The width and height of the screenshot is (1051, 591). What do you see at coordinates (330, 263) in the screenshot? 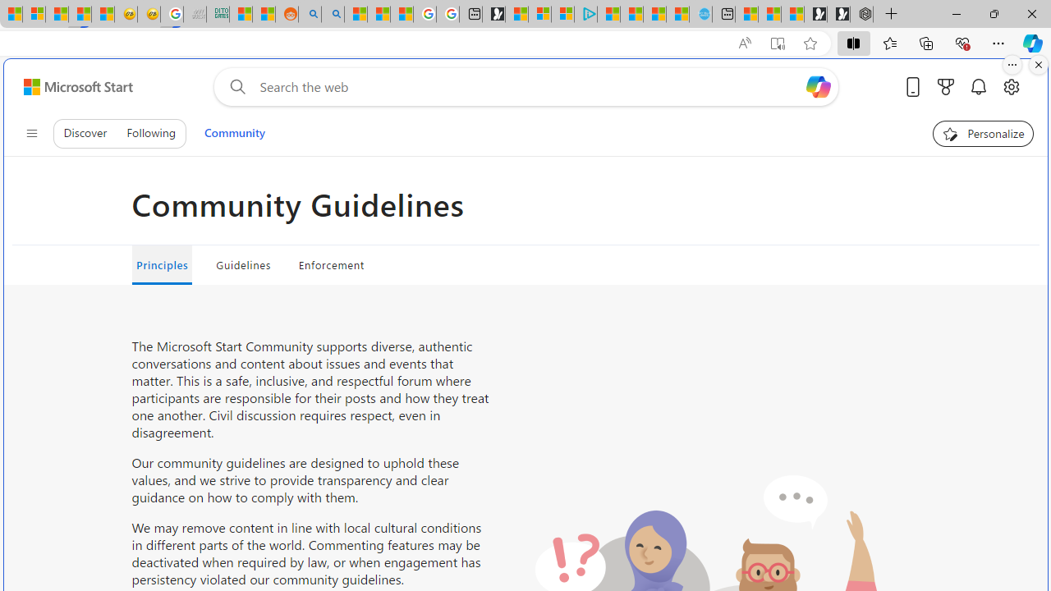
I see `'Enforcement'` at bounding box center [330, 263].